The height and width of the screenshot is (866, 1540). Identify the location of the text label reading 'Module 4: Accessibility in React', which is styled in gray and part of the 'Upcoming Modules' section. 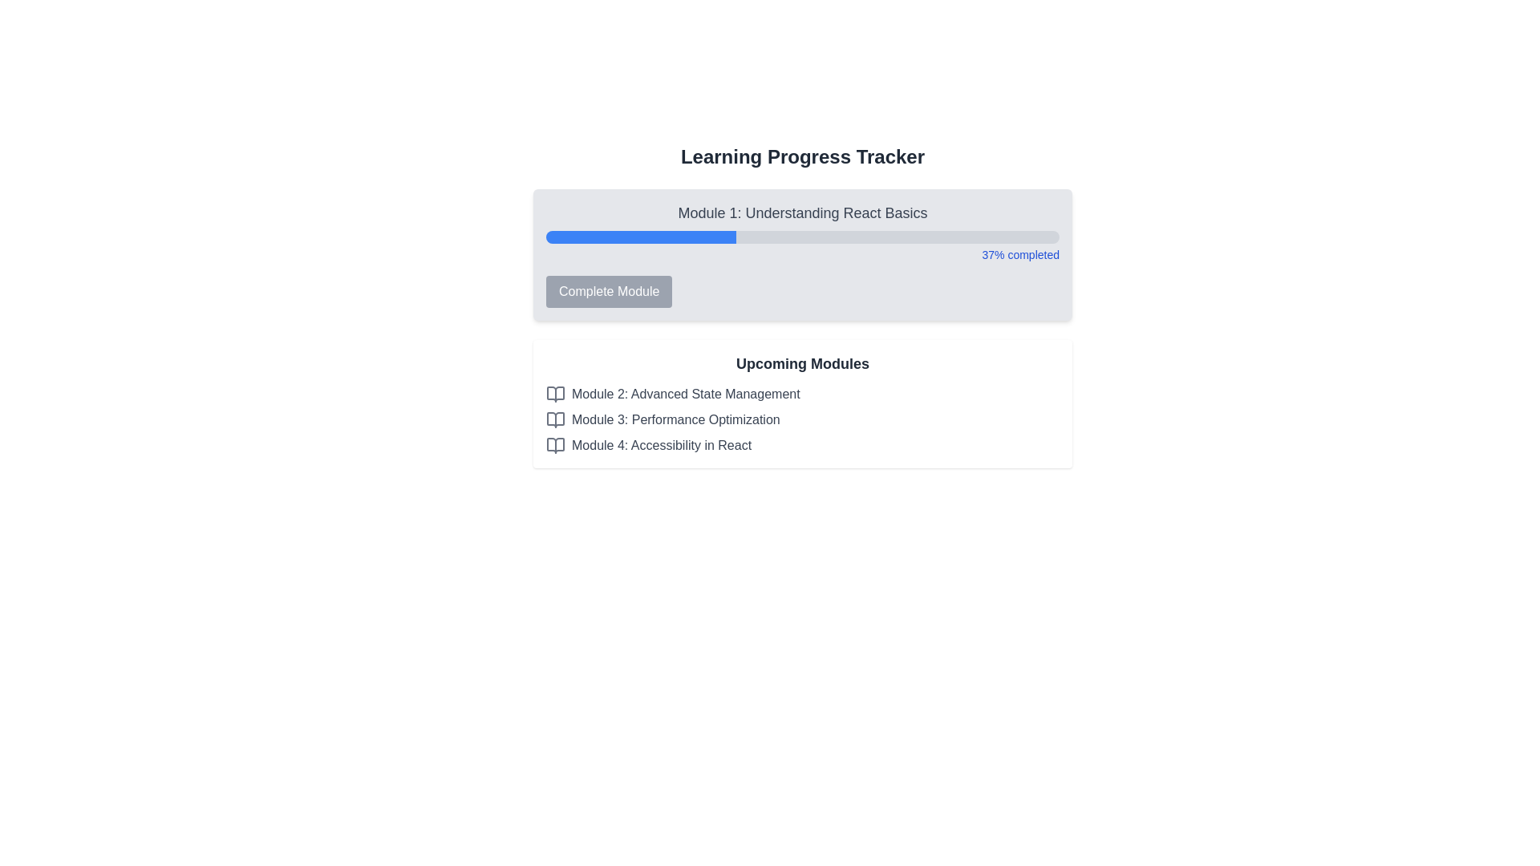
(662, 445).